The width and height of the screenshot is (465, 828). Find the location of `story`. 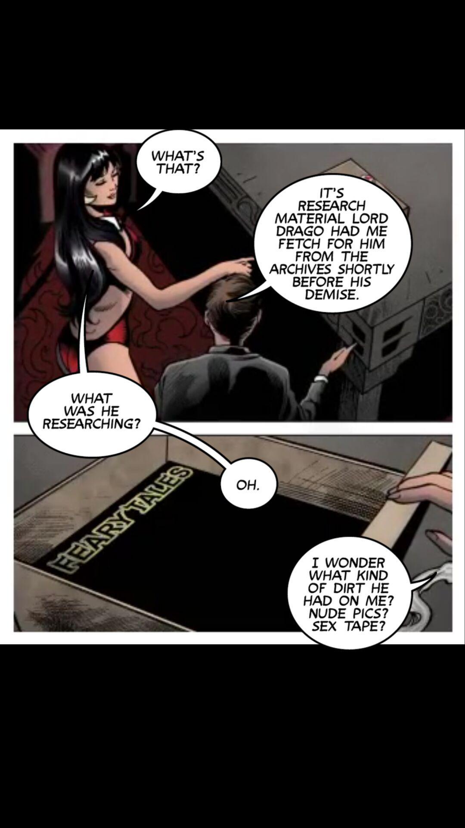

story is located at coordinates (174, 172).